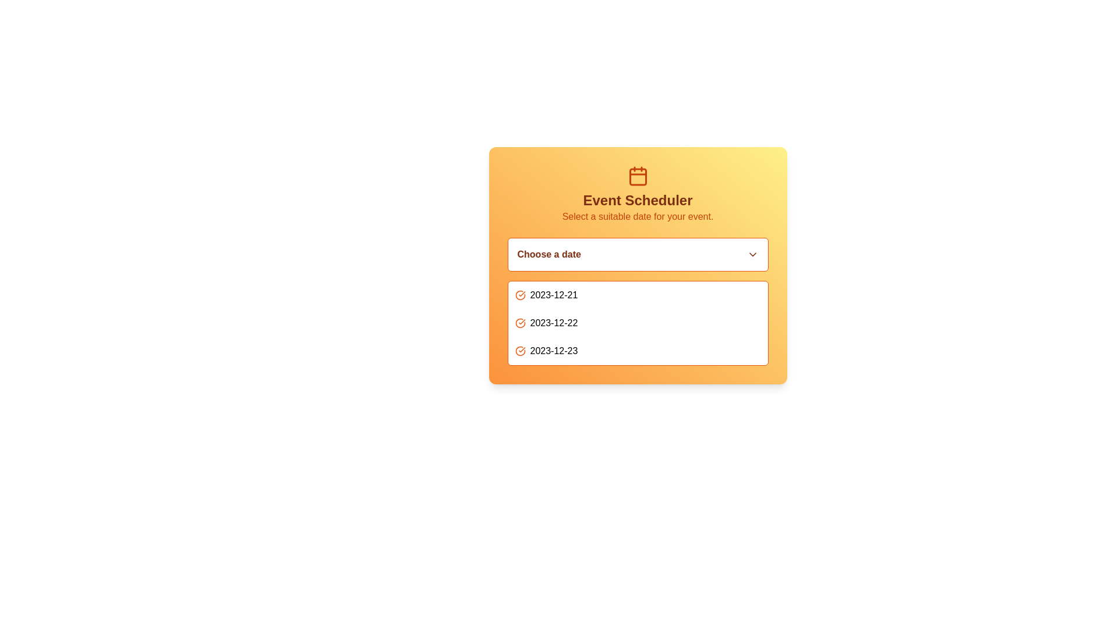  What do you see at coordinates (637, 199) in the screenshot?
I see `the 'Event Scheduler' header text, which is styled in a bold 2XL font size with an orange-brown color, prominently positioned at the top of an orange gradient card` at bounding box center [637, 199].